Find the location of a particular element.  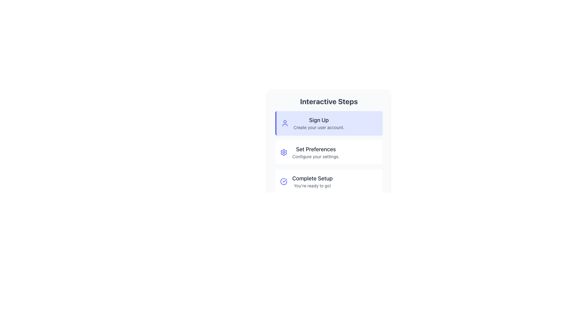

the settings icon located in the third step of the 'Interactive Steps' widget, adjacent to the 'Set Preferences' text is located at coordinates (283, 152).